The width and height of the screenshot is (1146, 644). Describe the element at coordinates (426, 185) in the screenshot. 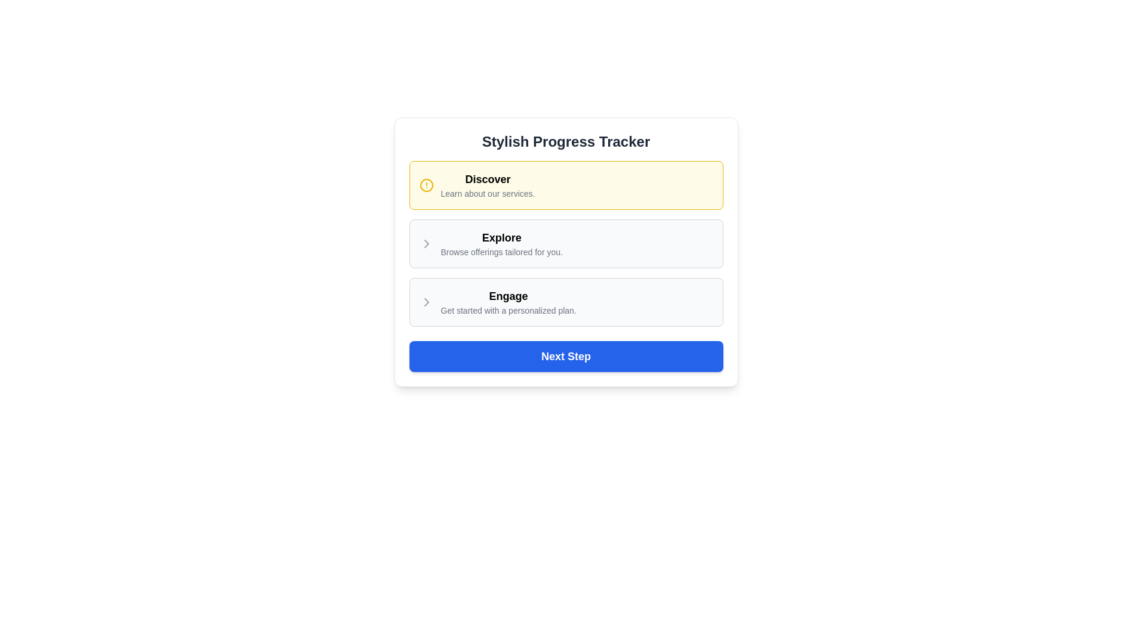

I see `the circular SVG element that is located inside the yellow alert icon, which is positioned to the left of the 'Discover' text in the progress tracker interface` at that location.